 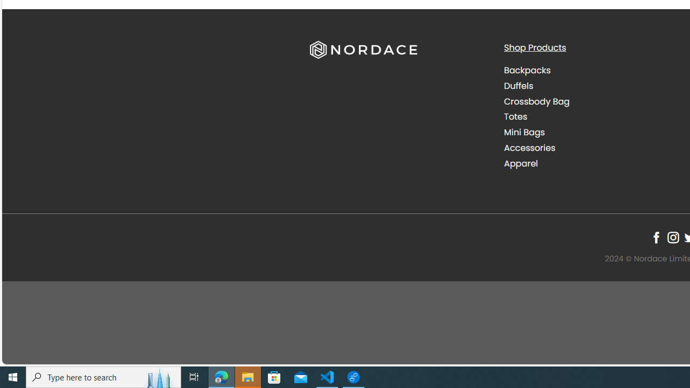 I want to click on 'Backpacks', so click(x=592, y=71).